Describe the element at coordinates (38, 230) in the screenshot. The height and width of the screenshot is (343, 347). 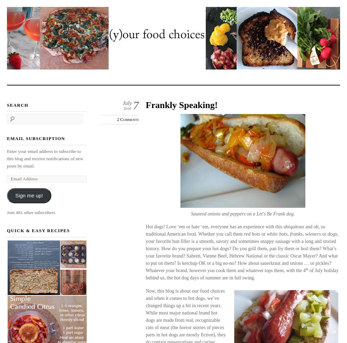
I see `'Quick & Easy Recipes'` at that location.